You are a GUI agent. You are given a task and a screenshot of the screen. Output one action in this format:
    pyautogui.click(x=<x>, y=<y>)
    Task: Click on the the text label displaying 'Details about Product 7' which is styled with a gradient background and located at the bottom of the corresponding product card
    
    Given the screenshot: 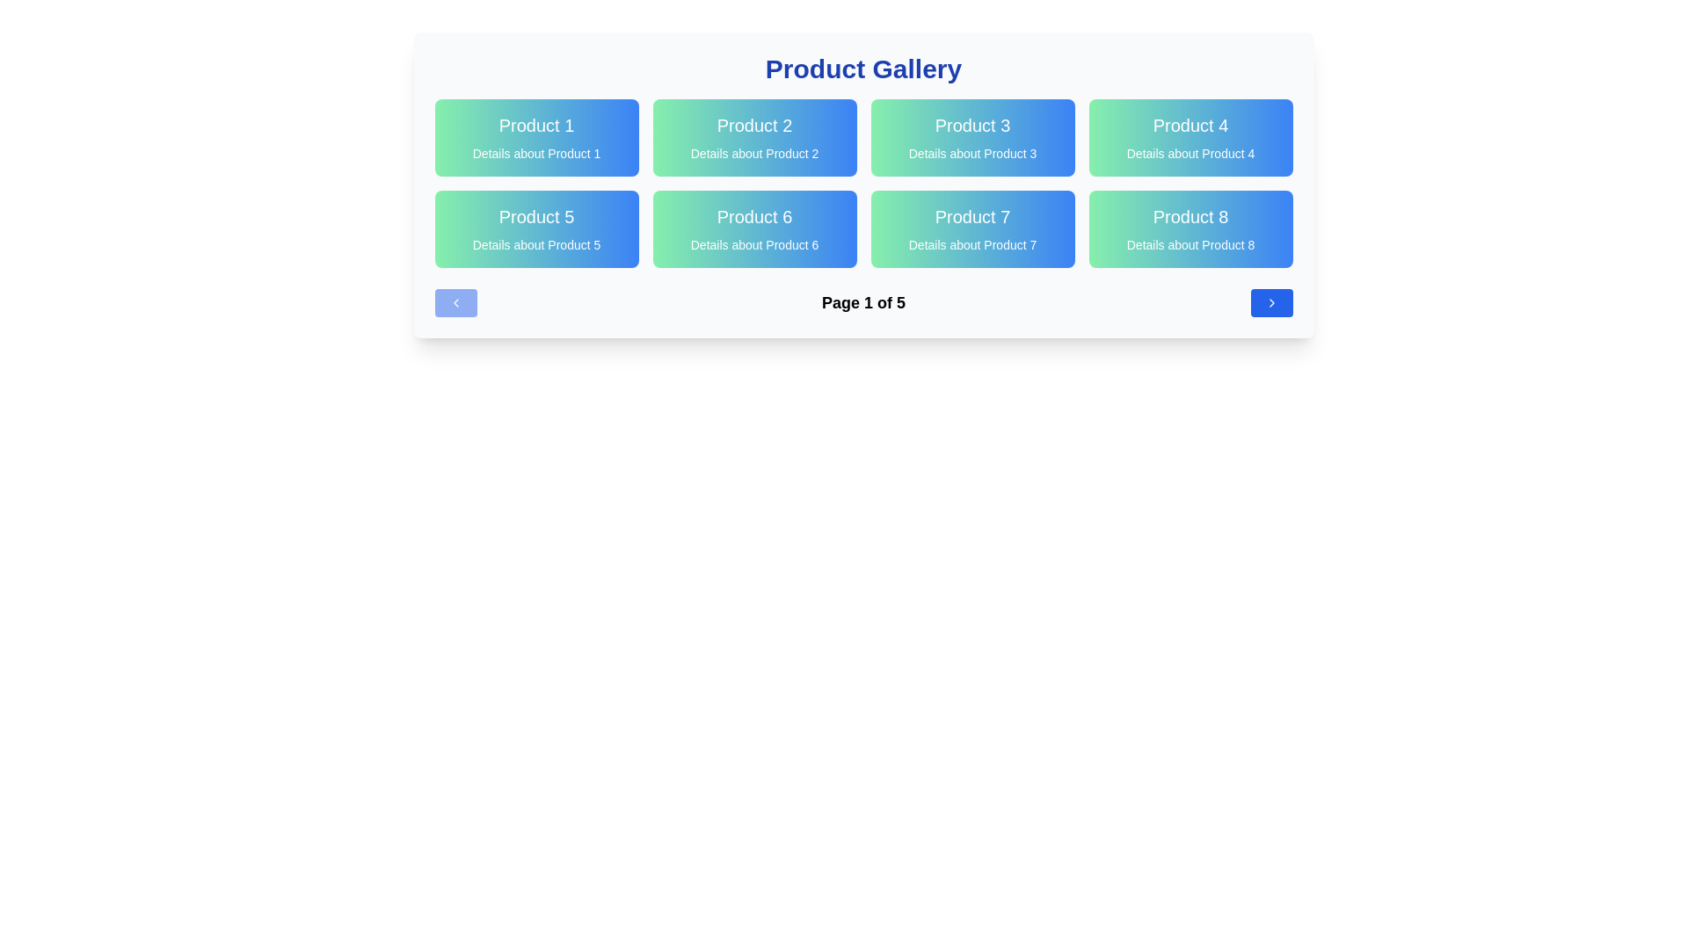 What is the action you would take?
    pyautogui.click(x=971, y=244)
    